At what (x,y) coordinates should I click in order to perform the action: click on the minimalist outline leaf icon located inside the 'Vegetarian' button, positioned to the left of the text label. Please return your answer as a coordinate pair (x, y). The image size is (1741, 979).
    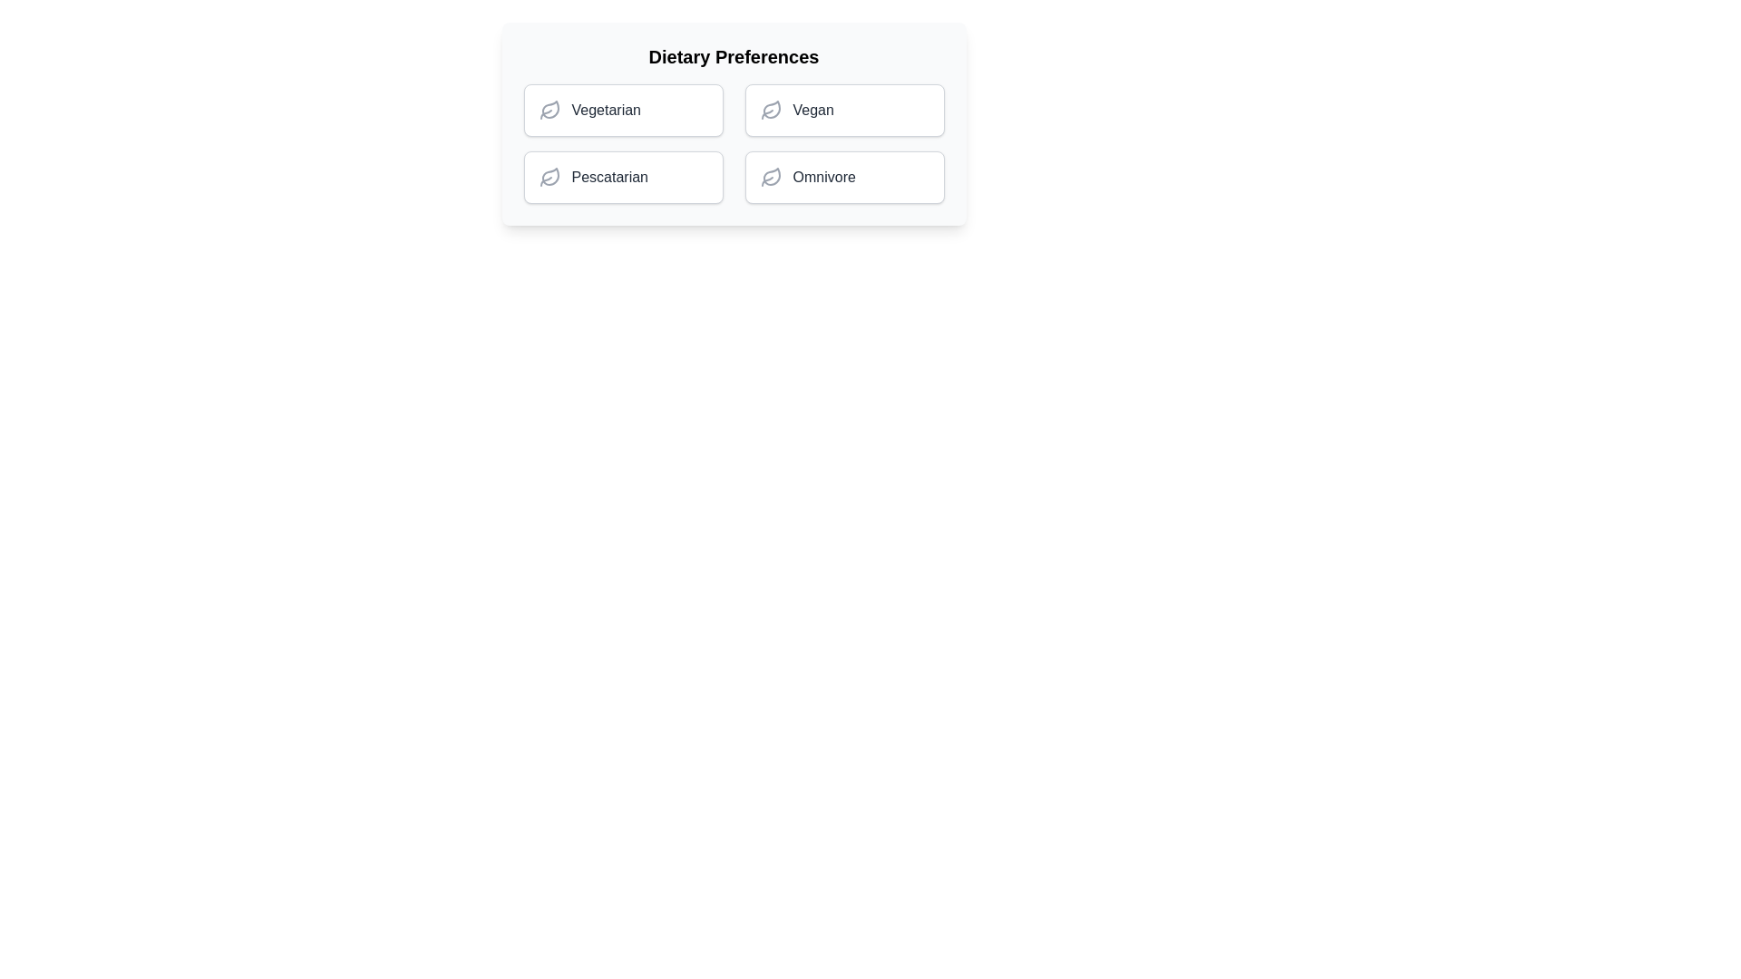
    Looking at the image, I should click on (549, 111).